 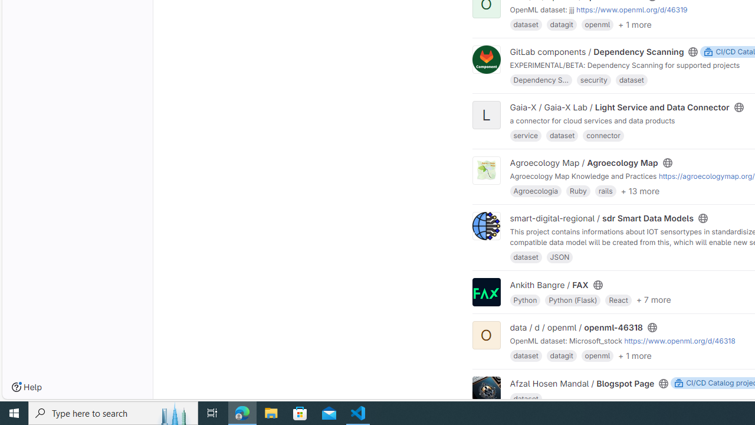 I want to click on 'Python', so click(x=524, y=299).